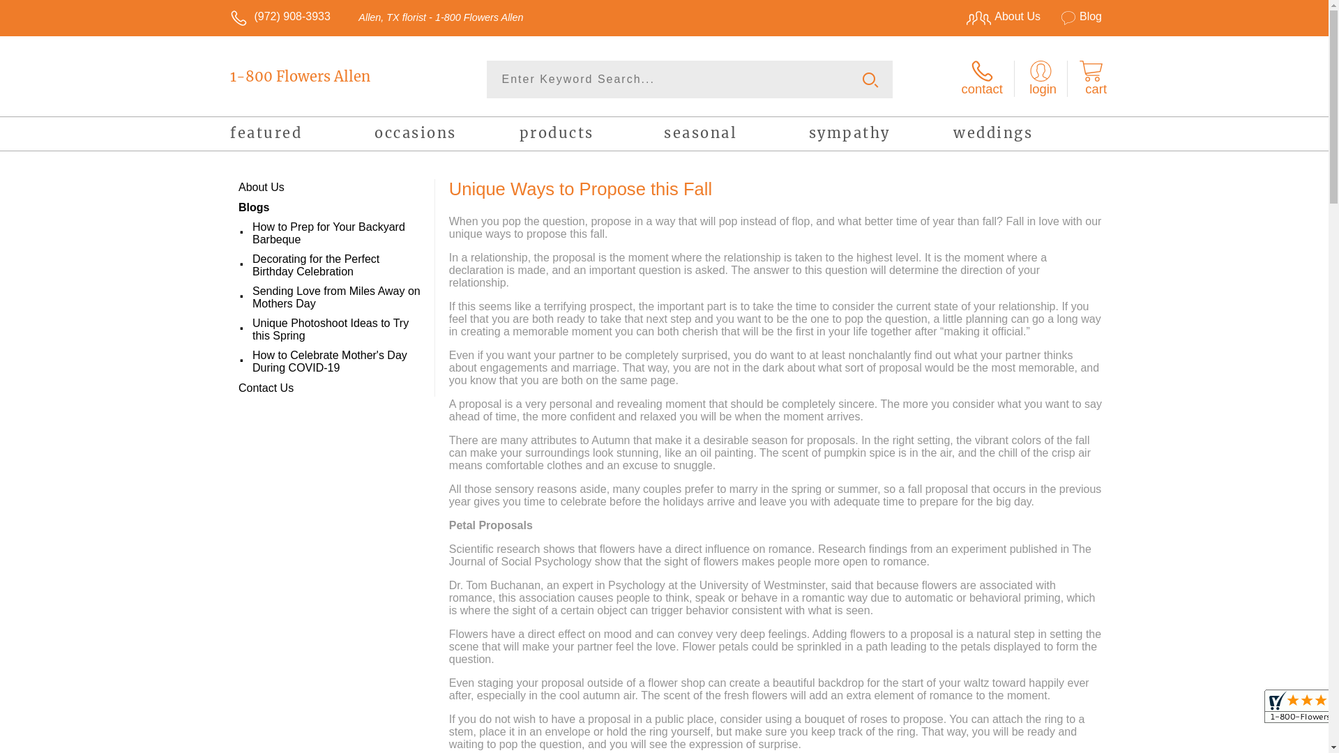 Image resolution: width=1339 pixels, height=753 pixels. What do you see at coordinates (291, 16) in the screenshot?
I see `'(972) 908-3933'` at bounding box center [291, 16].